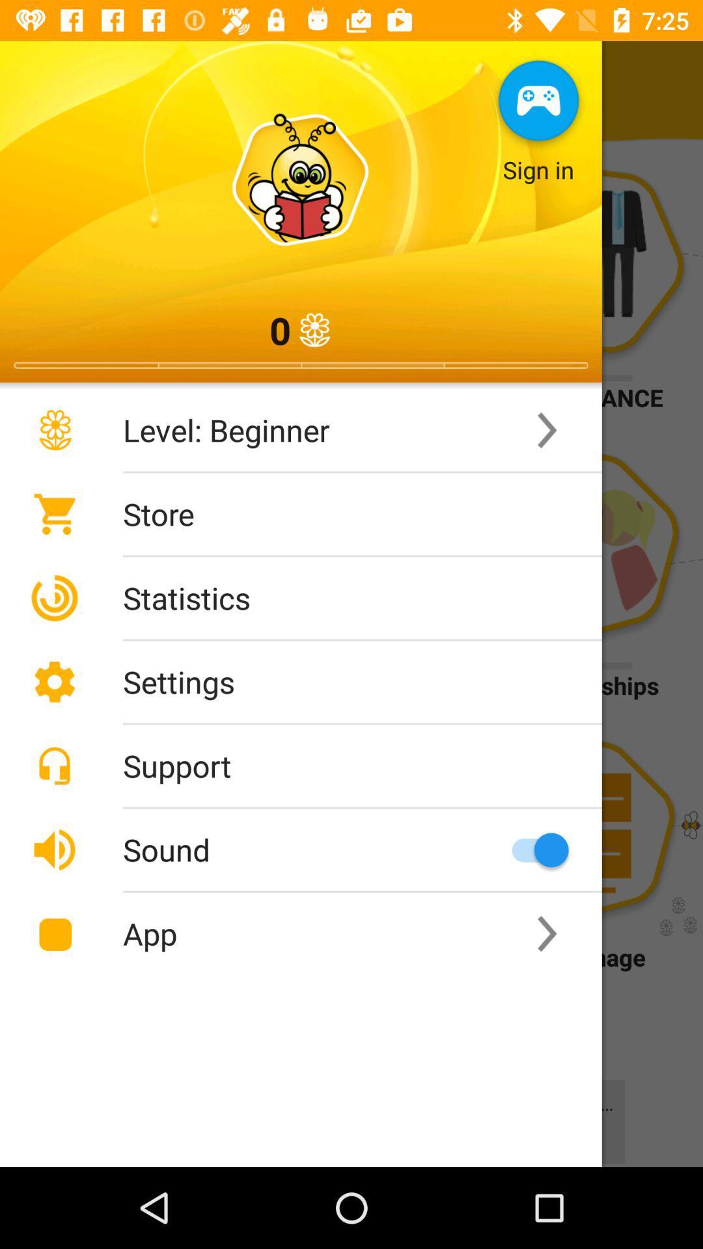 The image size is (703, 1249). Describe the element at coordinates (54, 933) in the screenshot. I see `the symbol which is to the immediate left of app` at that location.